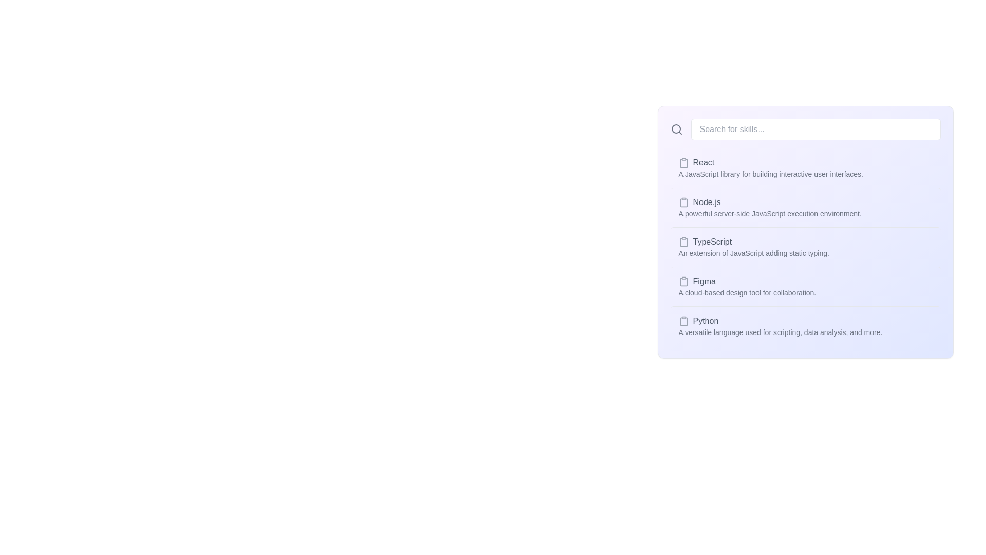 This screenshot has height=555, width=986. What do you see at coordinates (770, 213) in the screenshot?
I see `the static text labeled 'A powerful server-side JavaScript execution environment', which is styled in a small font size and grayed, located below the title 'Node.js'` at bounding box center [770, 213].